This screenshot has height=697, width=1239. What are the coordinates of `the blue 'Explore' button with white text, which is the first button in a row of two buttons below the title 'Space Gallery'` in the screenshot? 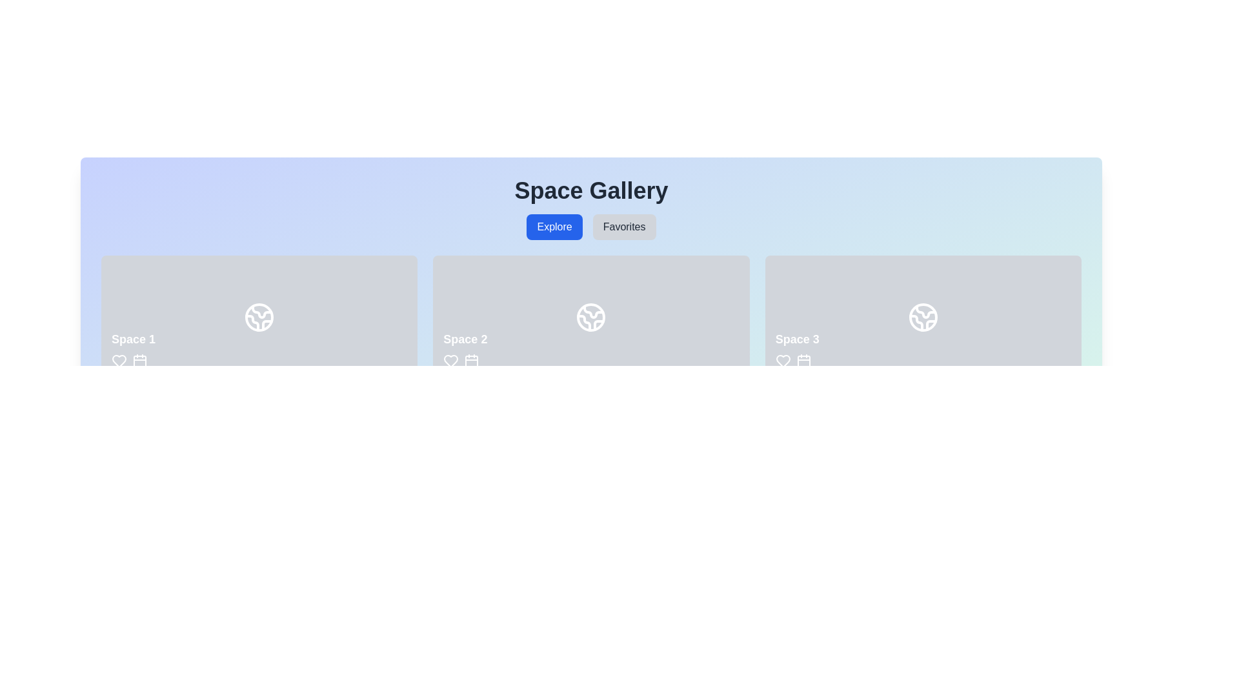 It's located at (554, 226).